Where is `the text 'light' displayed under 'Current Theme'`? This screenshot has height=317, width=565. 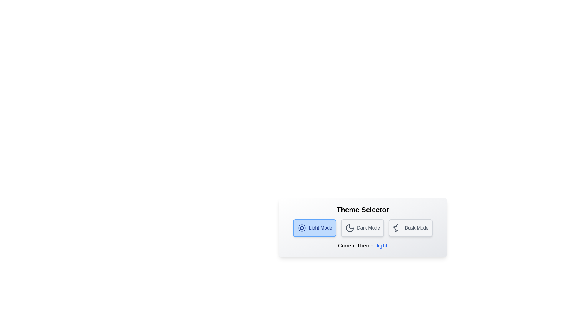
the text 'light' displayed under 'Current Theme' is located at coordinates (382, 246).